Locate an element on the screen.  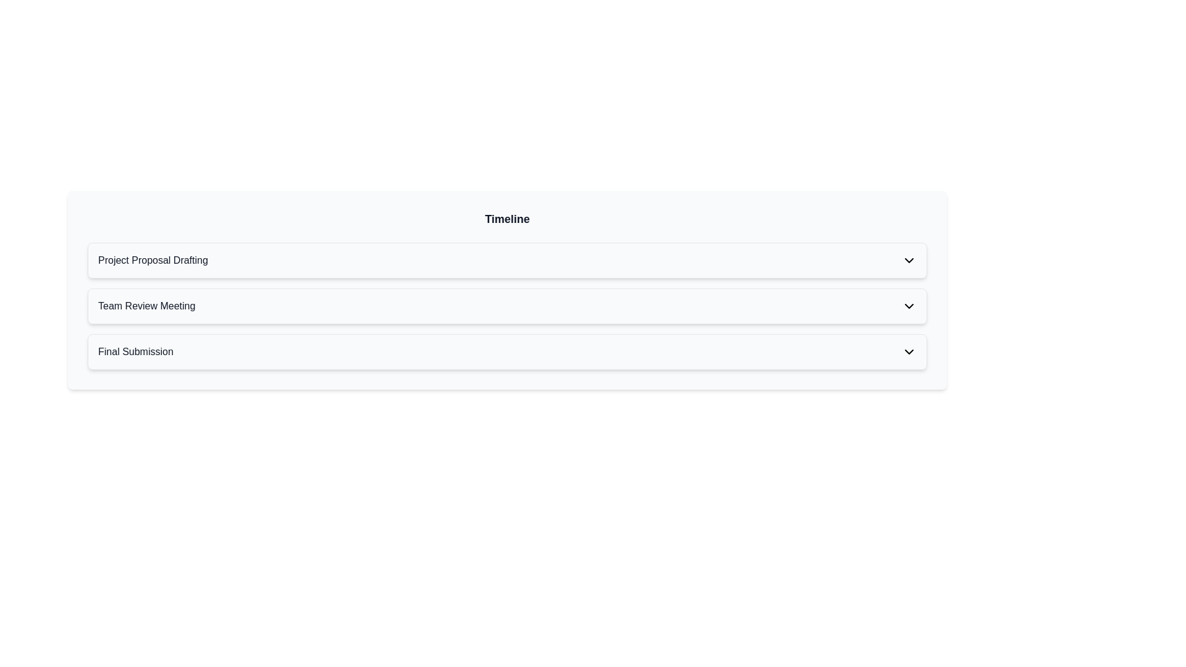
the middle interactive button in the vertical sequence of three items is located at coordinates (507, 306).